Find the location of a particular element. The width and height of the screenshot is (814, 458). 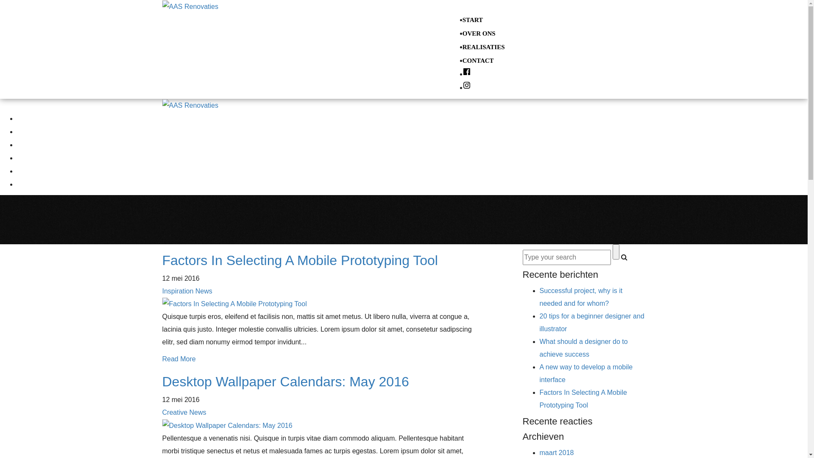

'Creative' is located at coordinates (174, 412).